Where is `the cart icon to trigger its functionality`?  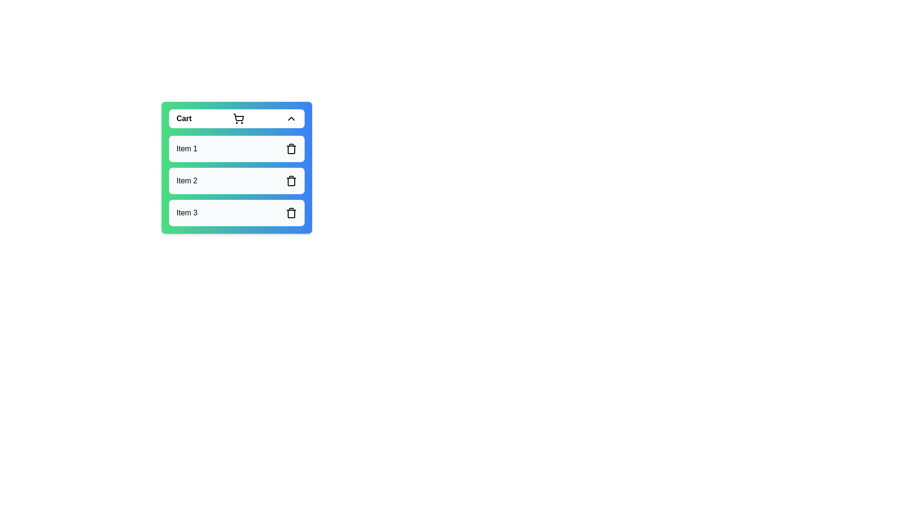
the cart icon to trigger its functionality is located at coordinates (239, 118).